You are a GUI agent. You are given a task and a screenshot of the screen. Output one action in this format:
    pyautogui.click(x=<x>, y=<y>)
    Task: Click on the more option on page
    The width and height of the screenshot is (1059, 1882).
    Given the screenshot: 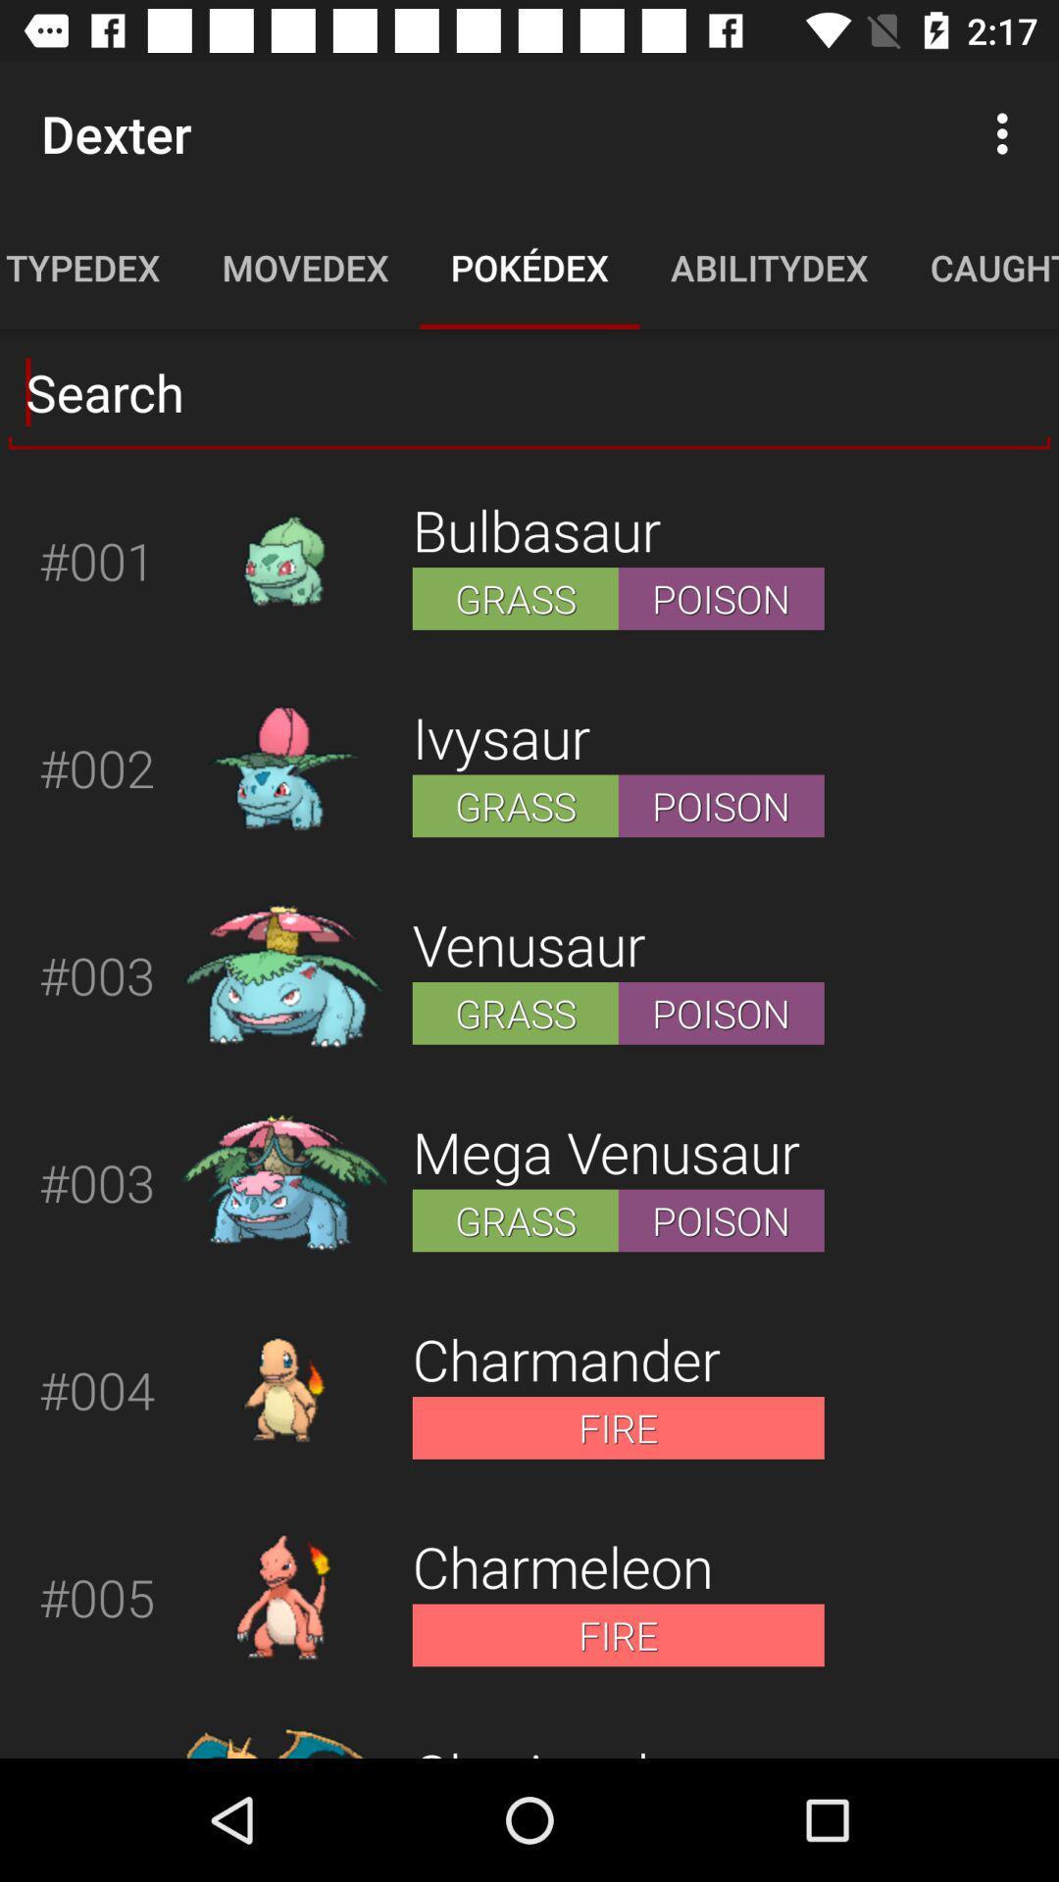 What is the action you would take?
    pyautogui.click(x=1007, y=133)
    